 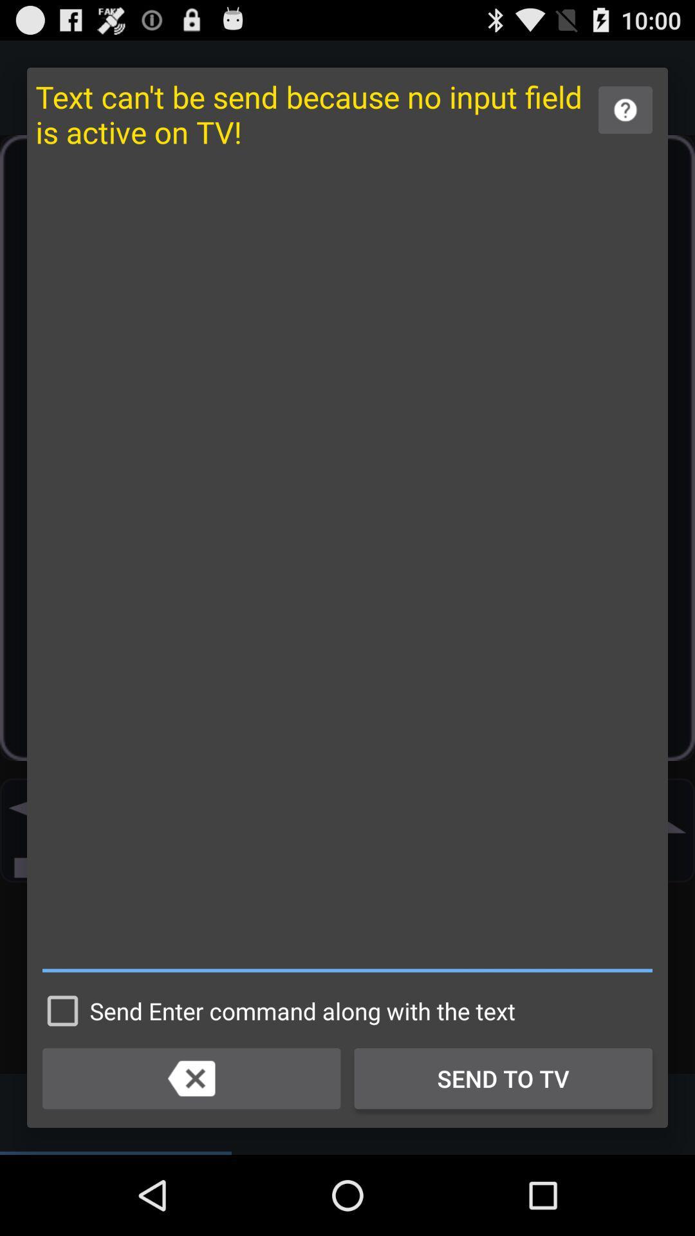 I want to click on the icon below the send enter command icon, so click(x=191, y=1078).